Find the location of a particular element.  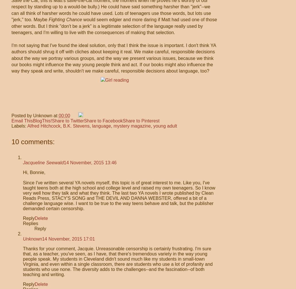

'would seem edgier and more 
daring if Matt had used one of those other words. But I think "don't be a
 jerk" is a legitimate selection of the language really used by 
teenagers, and I'm willing to live with the consequences of making that 
selection.' is located at coordinates (114, 26).